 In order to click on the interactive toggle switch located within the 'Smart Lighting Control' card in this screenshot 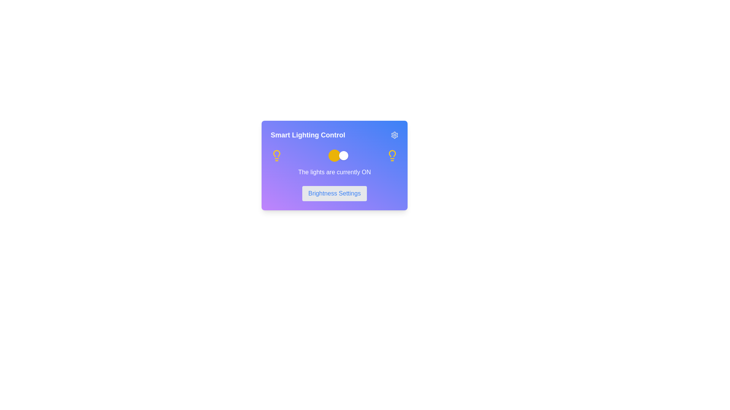, I will do `click(334, 155)`.